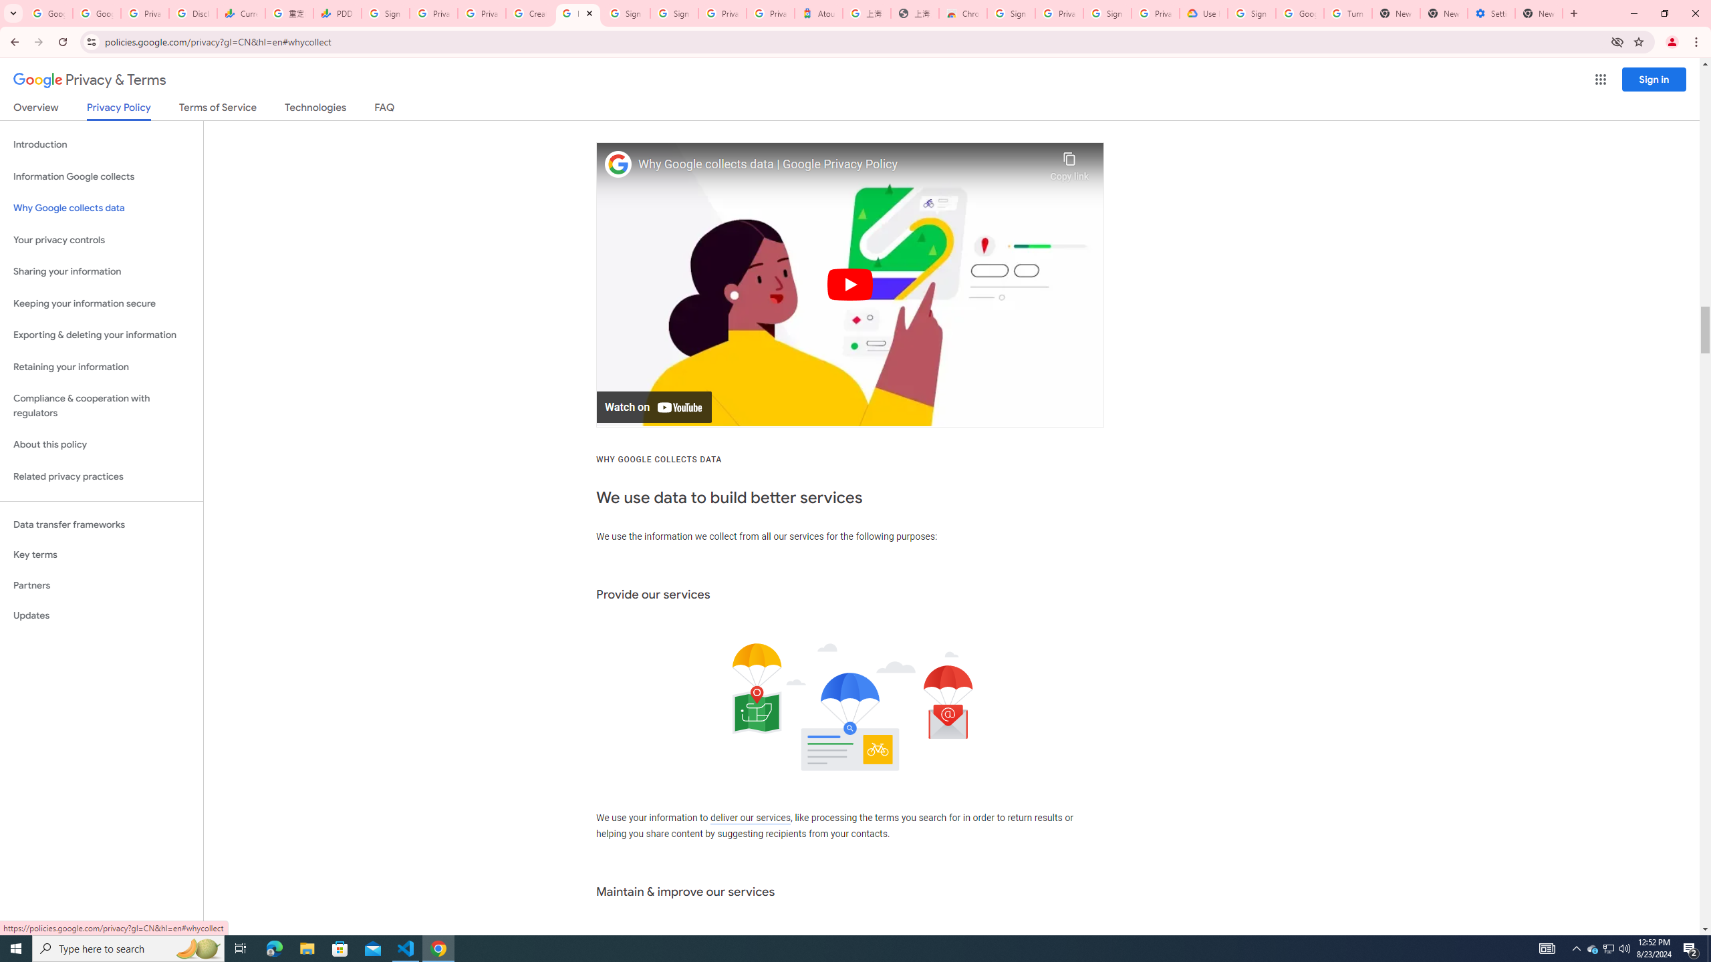  I want to click on 'Watch on YouTube', so click(654, 406).